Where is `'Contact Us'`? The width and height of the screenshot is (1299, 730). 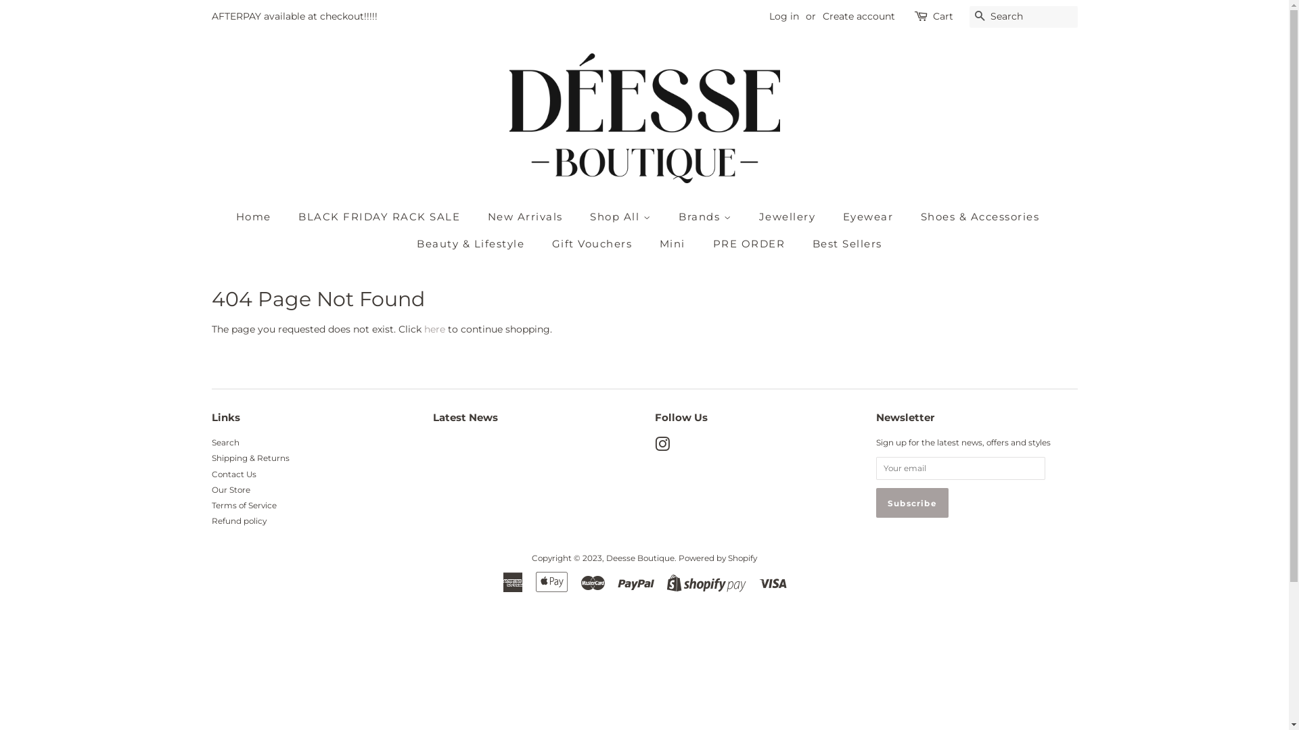
'Contact Us' is located at coordinates (233, 473).